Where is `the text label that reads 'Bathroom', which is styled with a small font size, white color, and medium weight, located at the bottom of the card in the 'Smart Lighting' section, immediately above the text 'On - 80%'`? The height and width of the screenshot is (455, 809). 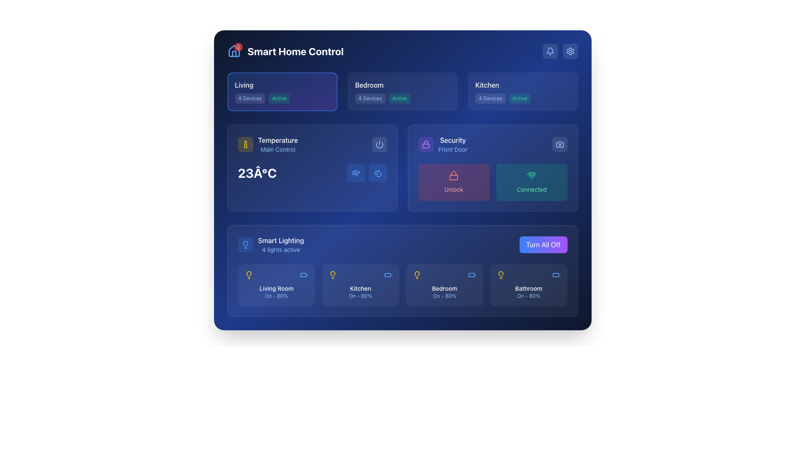 the text label that reads 'Bathroom', which is styled with a small font size, white color, and medium weight, located at the bottom of the card in the 'Smart Lighting' section, immediately above the text 'On - 80%' is located at coordinates (528, 288).